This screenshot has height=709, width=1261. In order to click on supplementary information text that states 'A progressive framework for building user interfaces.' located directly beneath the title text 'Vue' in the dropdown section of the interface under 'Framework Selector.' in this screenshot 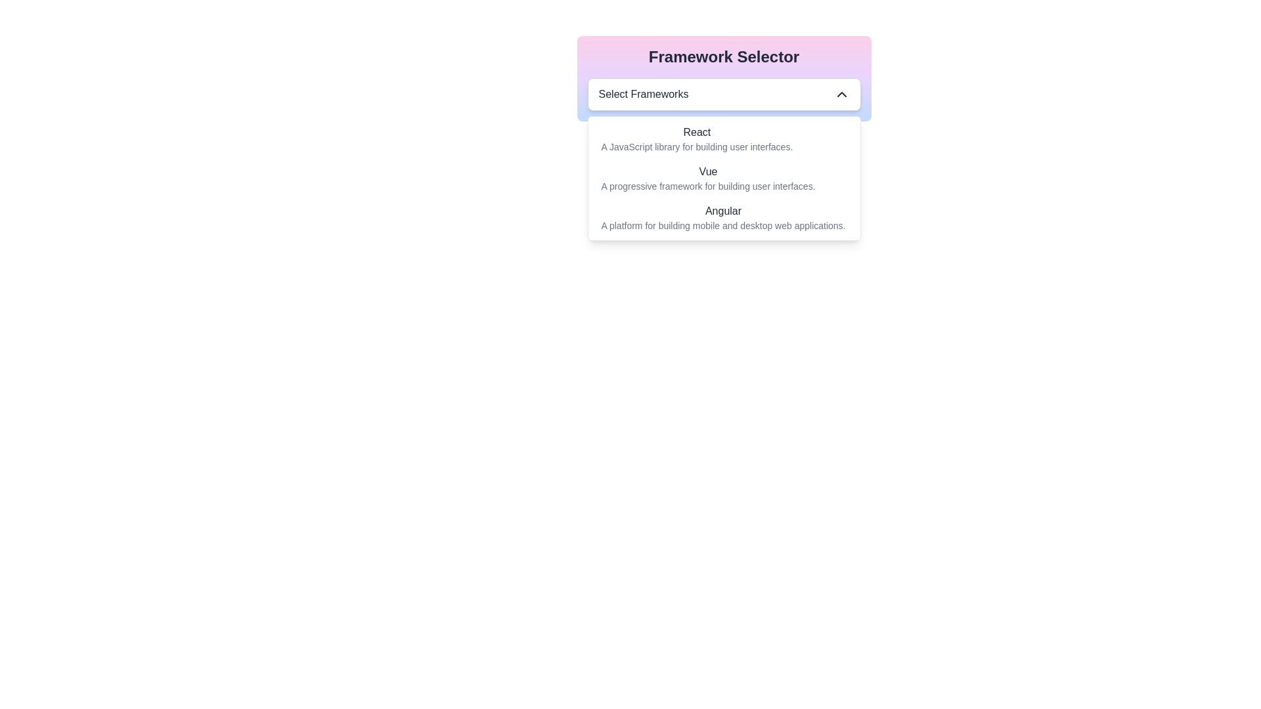, I will do `click(707, 186)`.